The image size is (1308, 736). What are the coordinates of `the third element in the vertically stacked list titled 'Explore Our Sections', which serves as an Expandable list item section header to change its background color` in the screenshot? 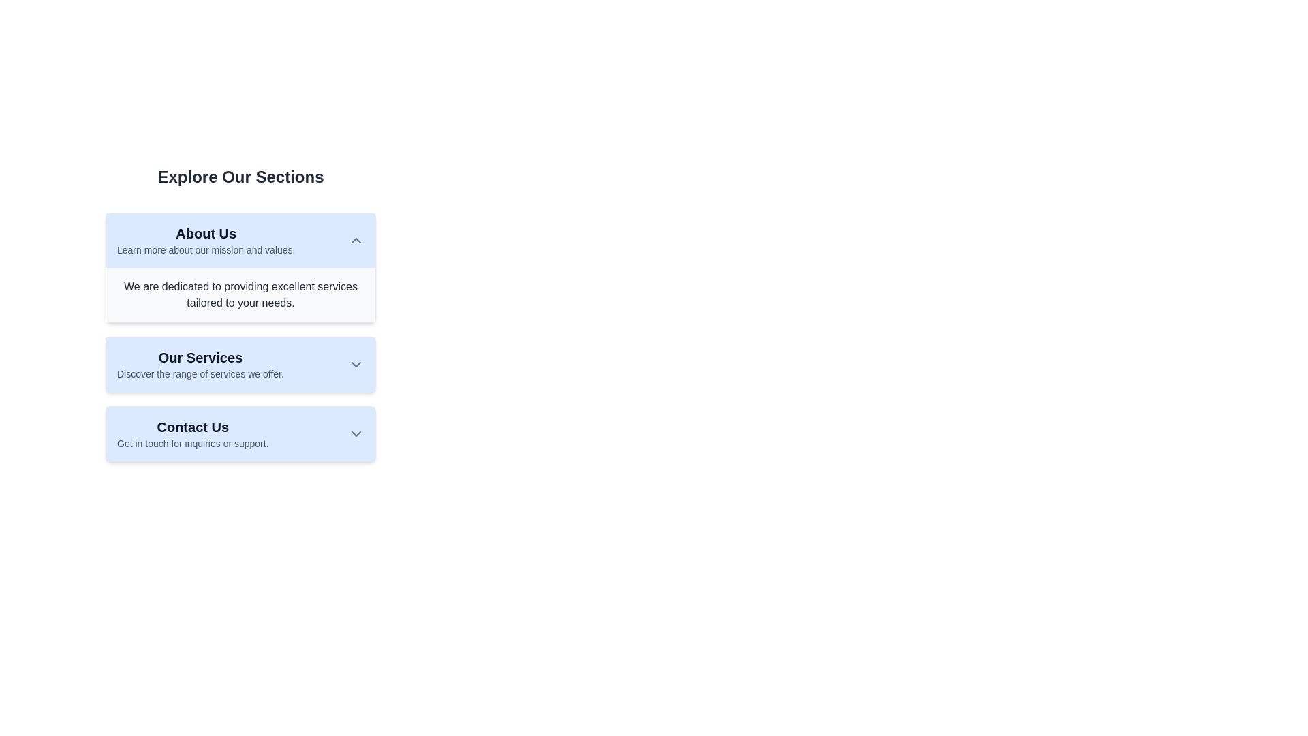 It's located at (240, 433).